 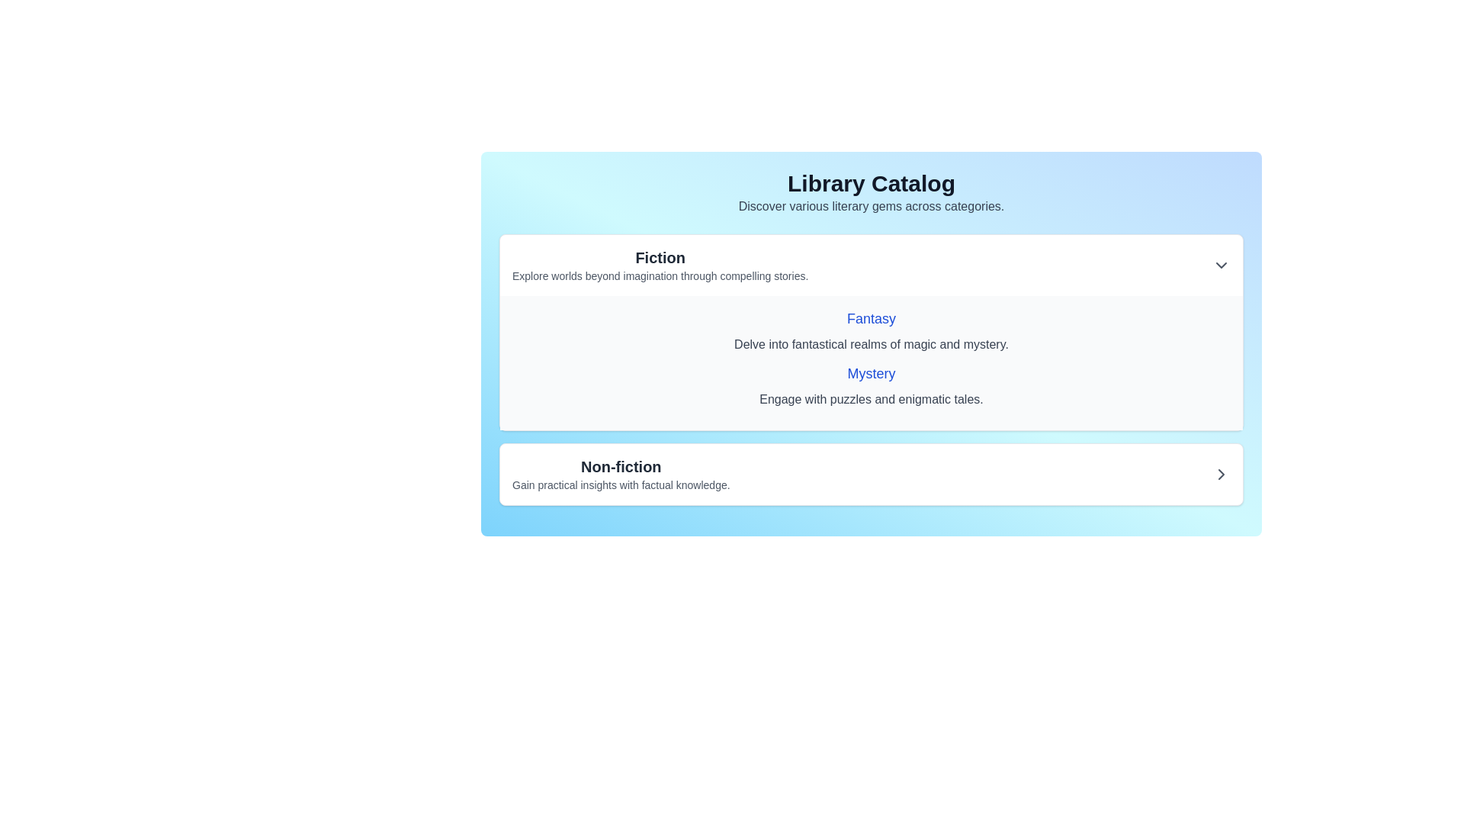 I want to click on the text label that serves as a title for the section 'Non-fiction Gain practical insights with factual knowledge', so click(x=621, y=466).